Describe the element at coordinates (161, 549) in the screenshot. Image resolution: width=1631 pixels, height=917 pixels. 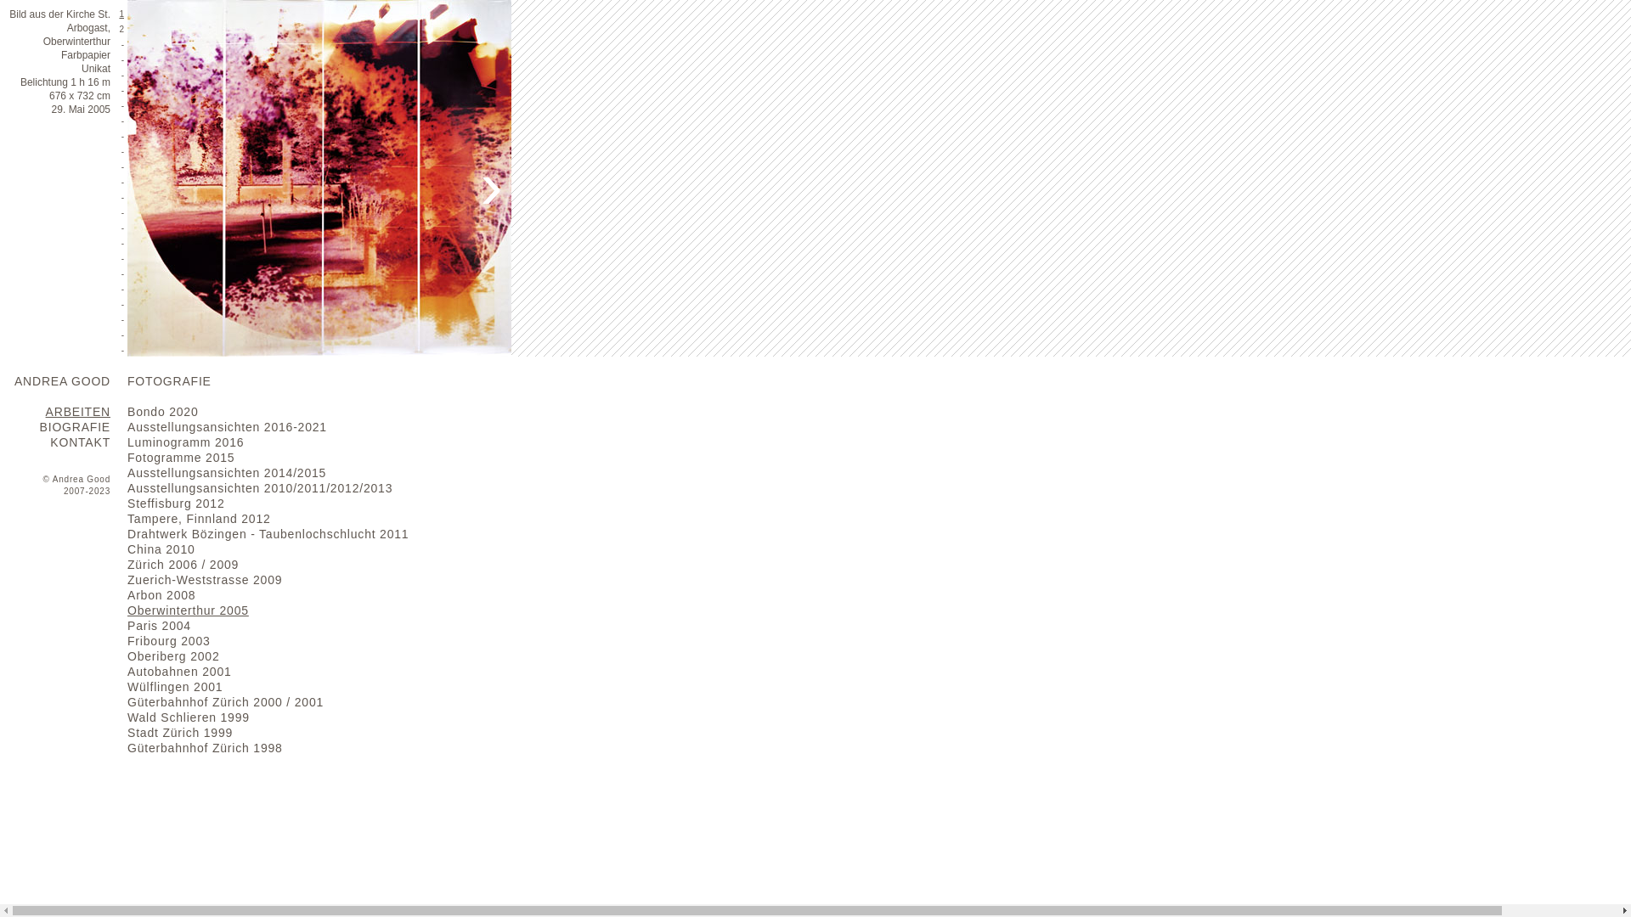
I see `'China 2010'` at that location.